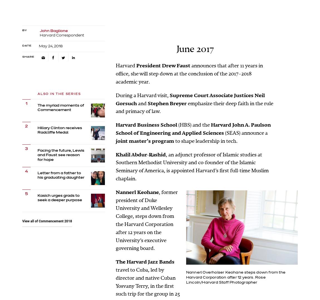 The image size is (320, 300). I want to click on 'and', so click(138, 103).